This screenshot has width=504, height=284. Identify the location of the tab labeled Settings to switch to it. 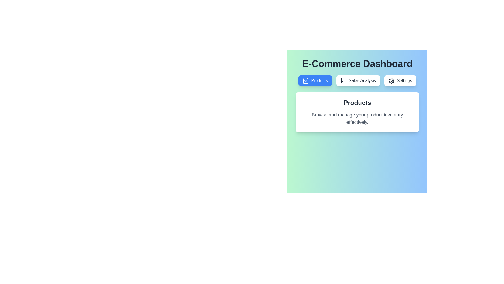
(400, 81).